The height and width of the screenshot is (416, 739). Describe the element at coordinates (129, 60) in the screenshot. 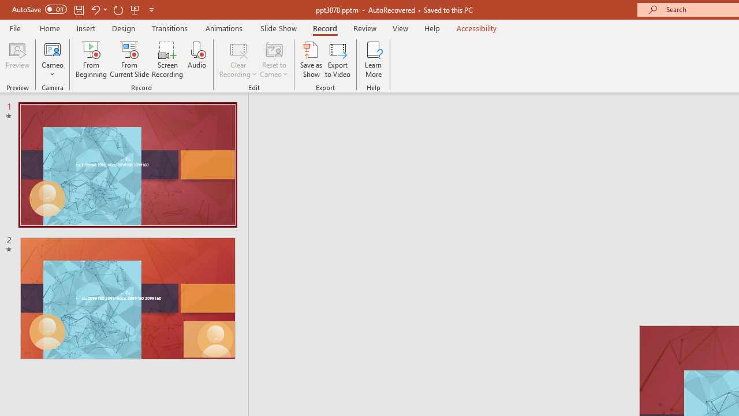

I see `'From Current Slide...'` at that location.